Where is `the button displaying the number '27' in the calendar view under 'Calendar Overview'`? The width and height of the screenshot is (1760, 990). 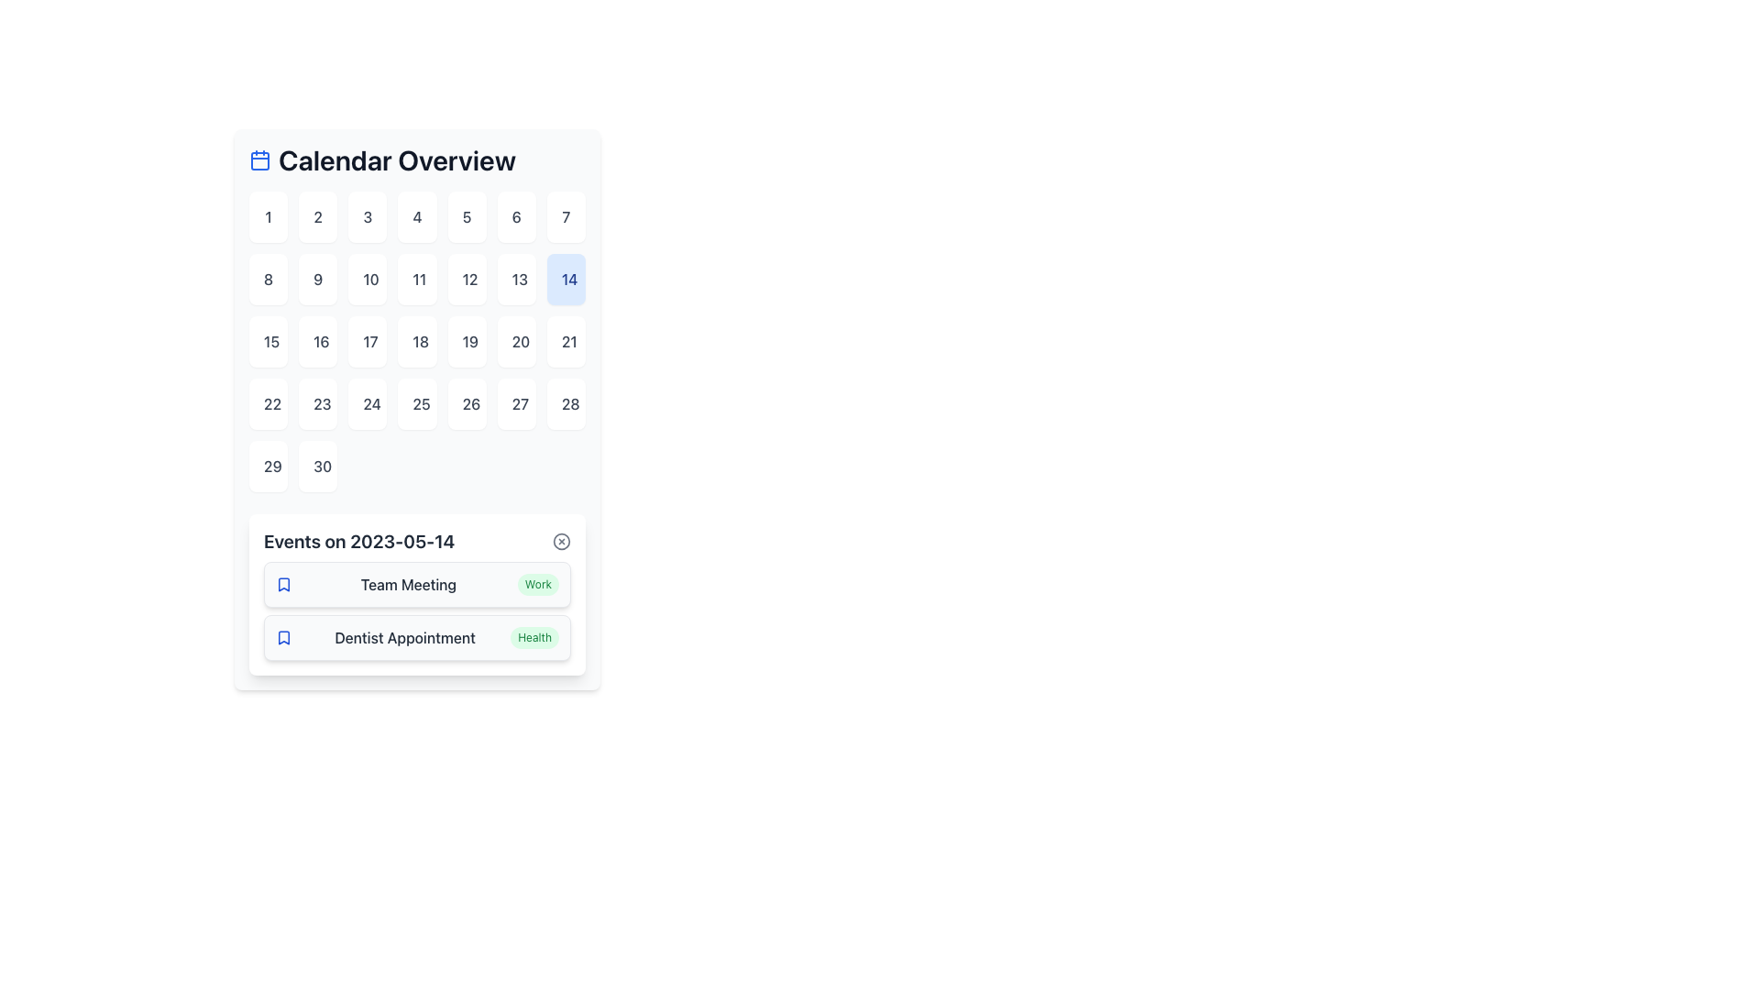
the button displaying the number '27' in the calendar view under 'Calendar Overview' is located at coordinates (515, 402).